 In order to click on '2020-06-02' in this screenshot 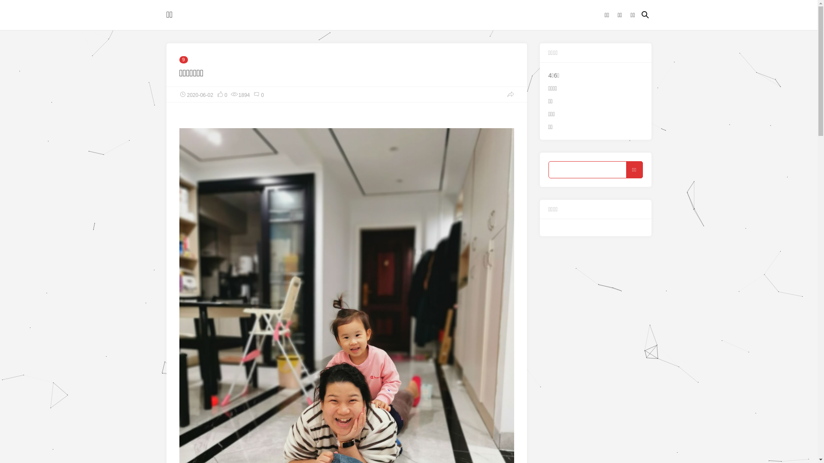, I will do `click(196, 94)`.